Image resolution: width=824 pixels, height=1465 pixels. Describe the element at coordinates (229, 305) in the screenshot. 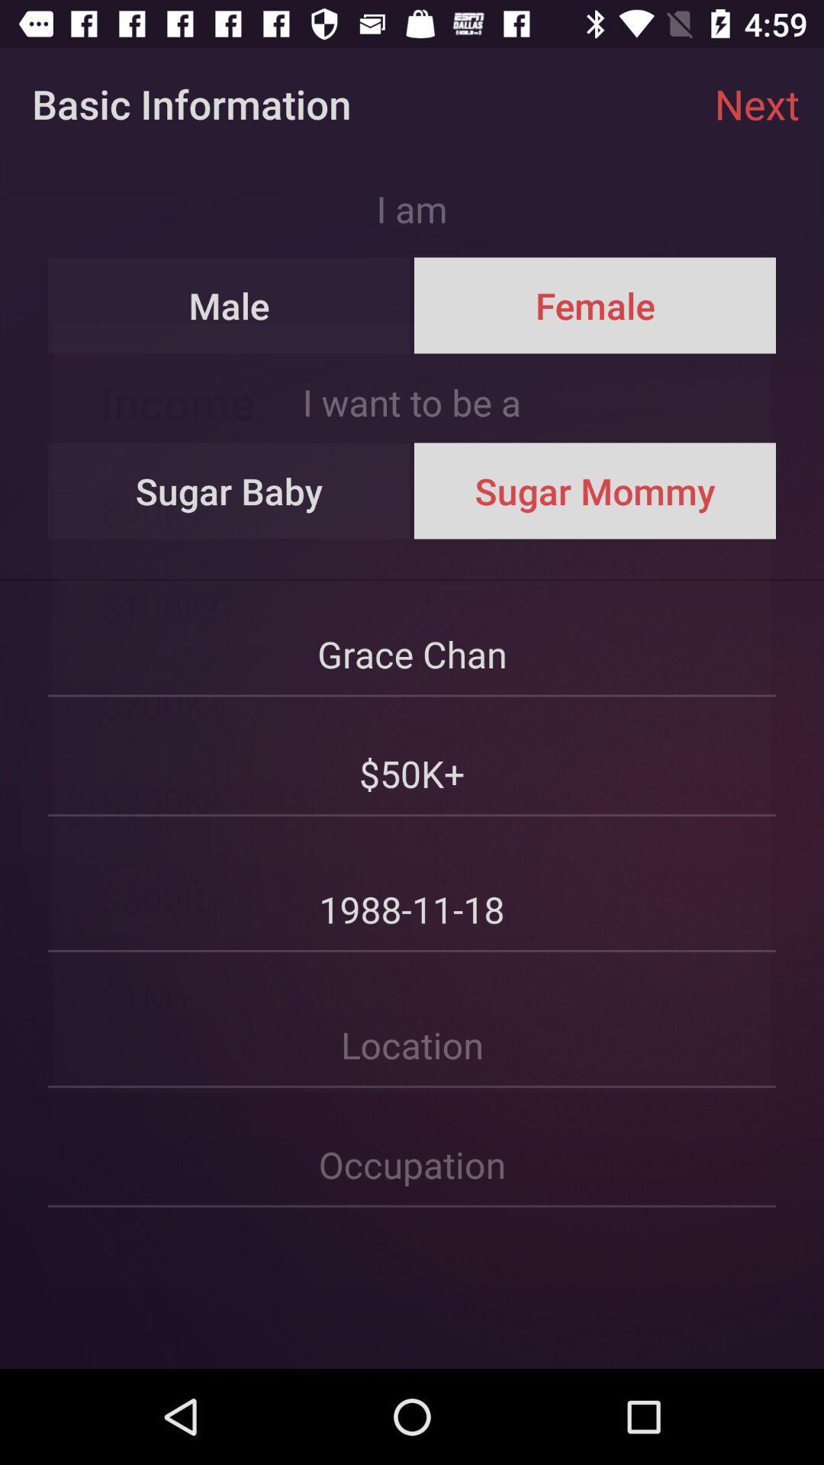

I see `male item` at that location.